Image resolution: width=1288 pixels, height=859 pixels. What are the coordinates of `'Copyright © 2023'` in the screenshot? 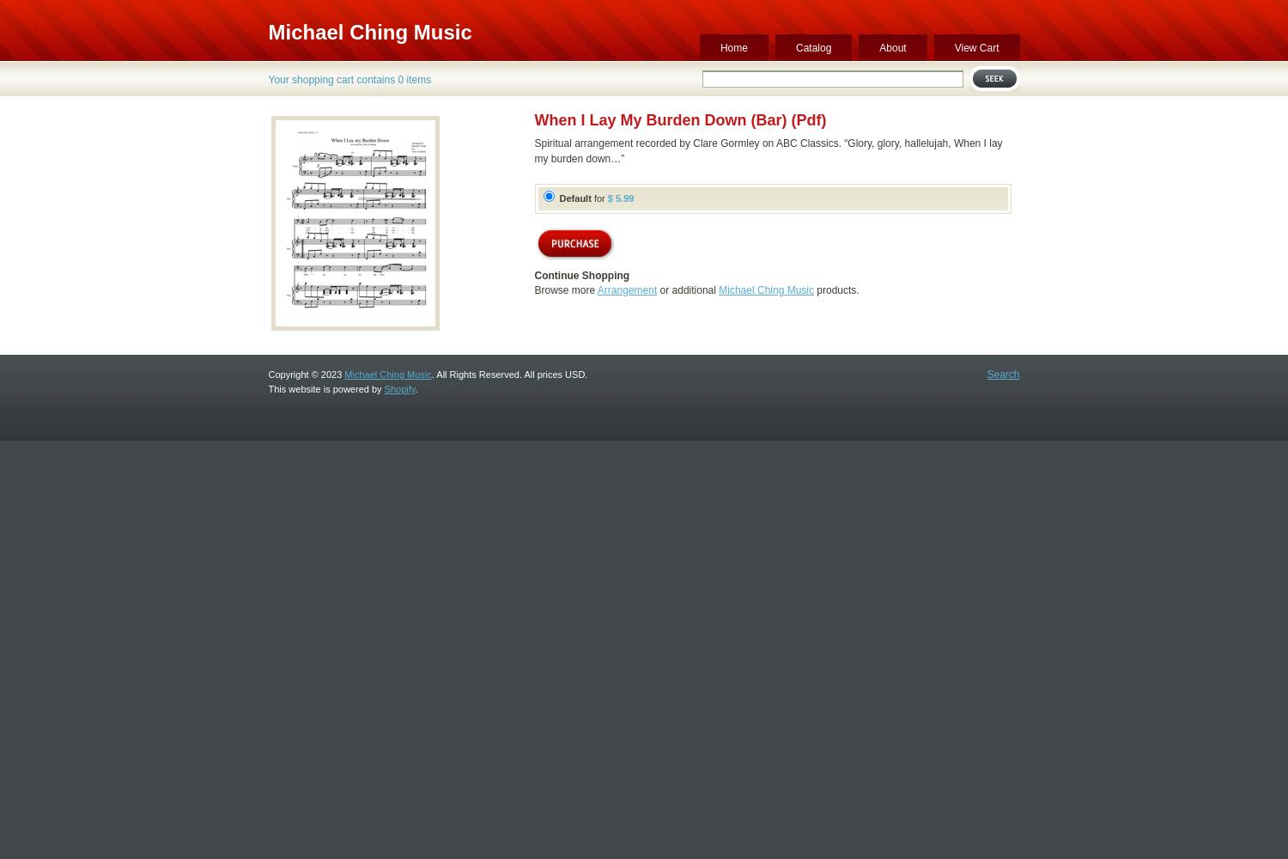 It's located at (305, 375).